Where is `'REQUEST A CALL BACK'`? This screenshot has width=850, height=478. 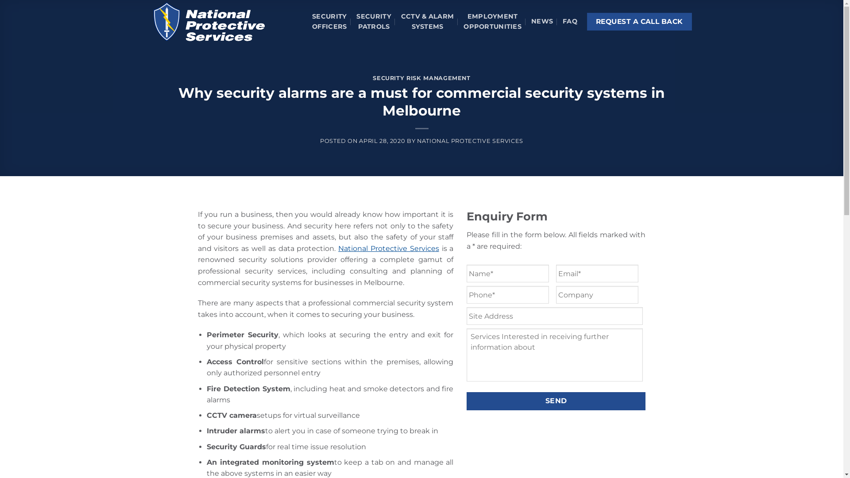
'REQUEST A CALL BACK' is located at coordinates (639, 21).